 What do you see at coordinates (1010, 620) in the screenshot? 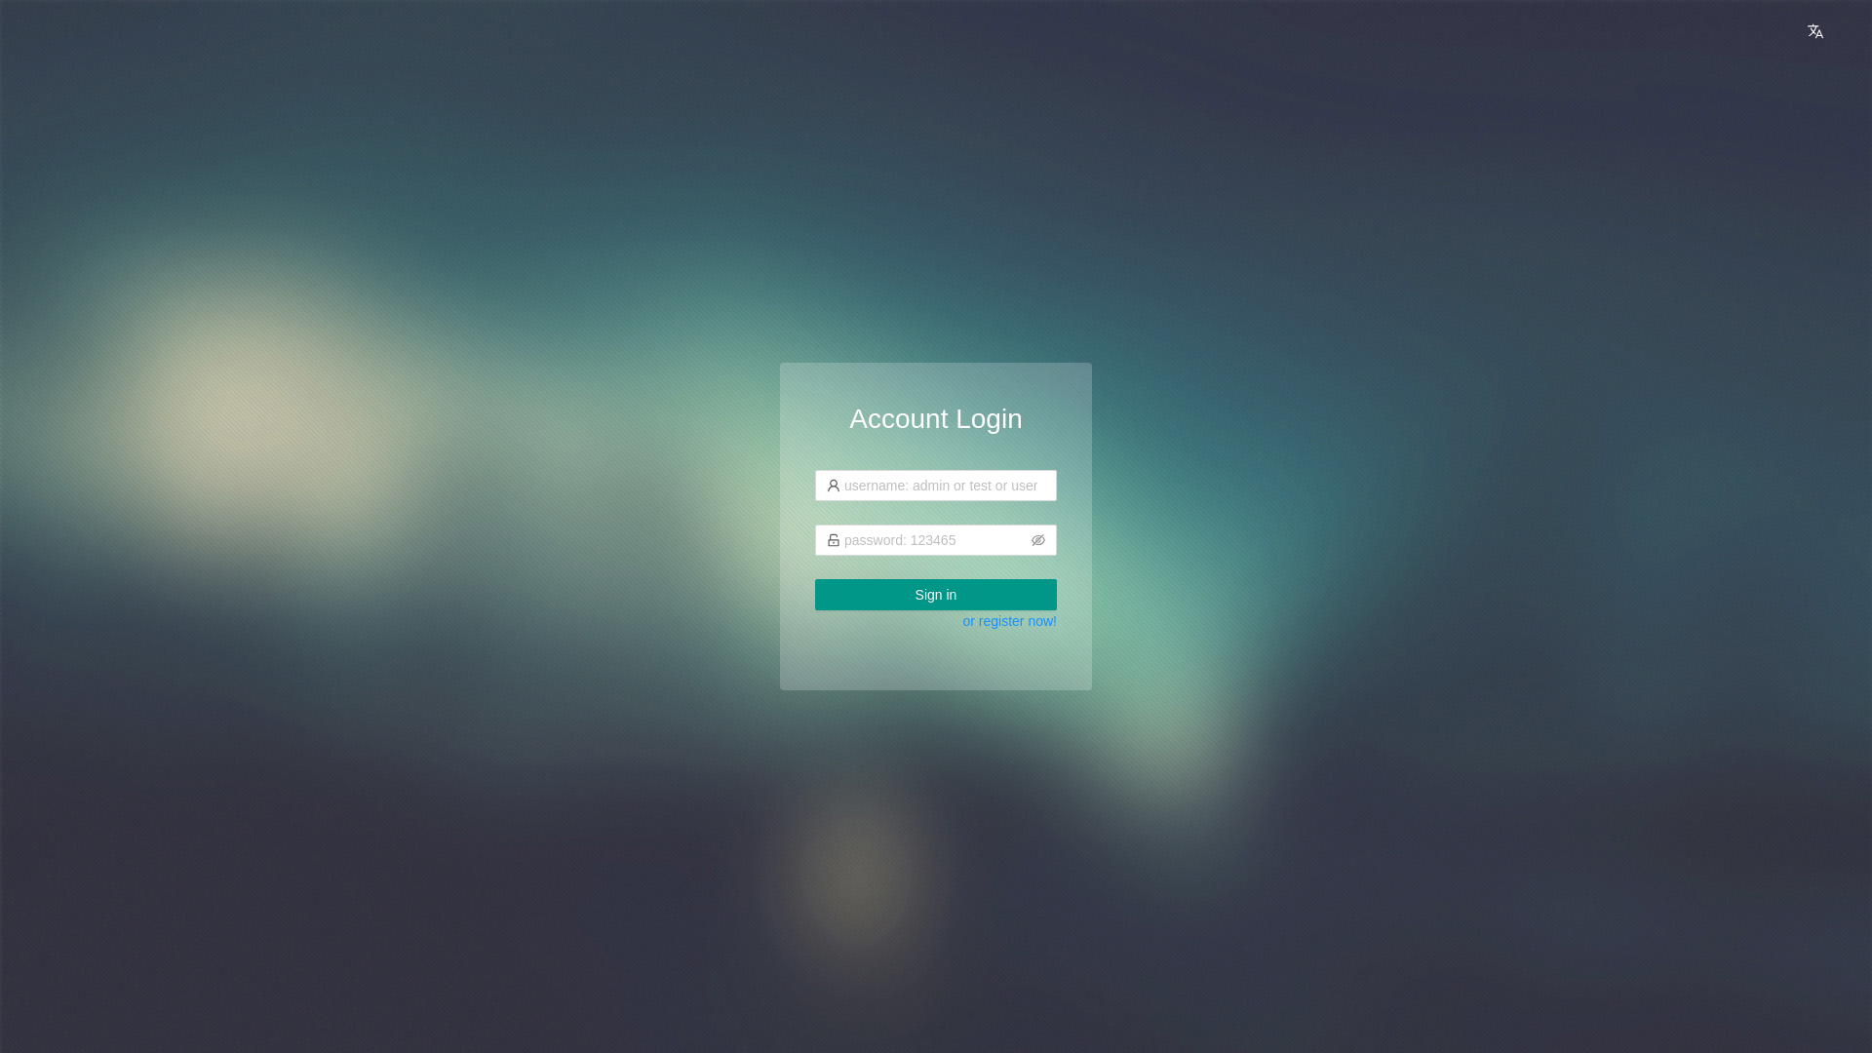
I see `'or register now!'` at bounding box center [1010, 620].